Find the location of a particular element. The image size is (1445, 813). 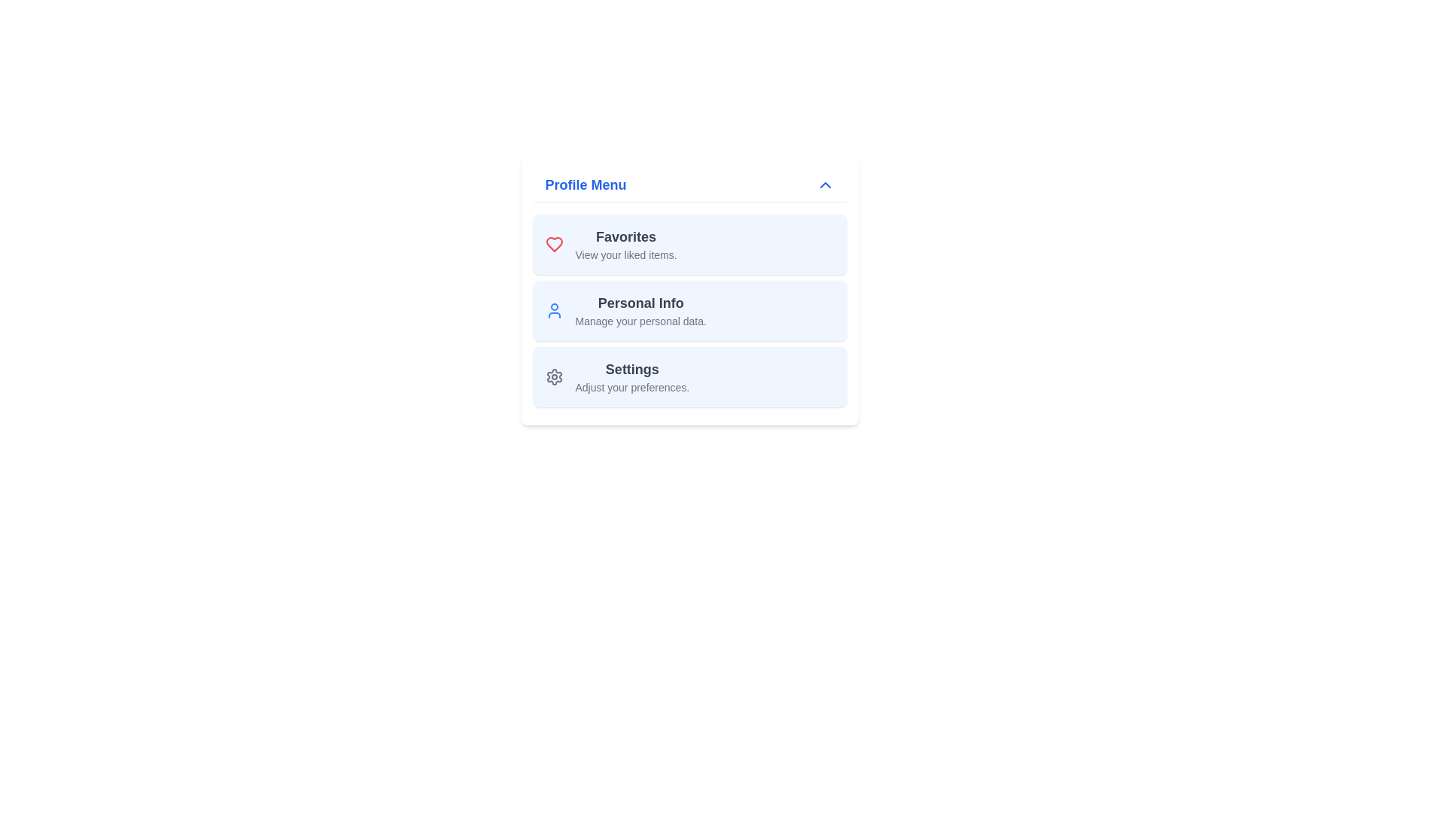

the settings icon located to the left of the text 'Settings Adjust your preferences' is located at coordinates (553, 376).